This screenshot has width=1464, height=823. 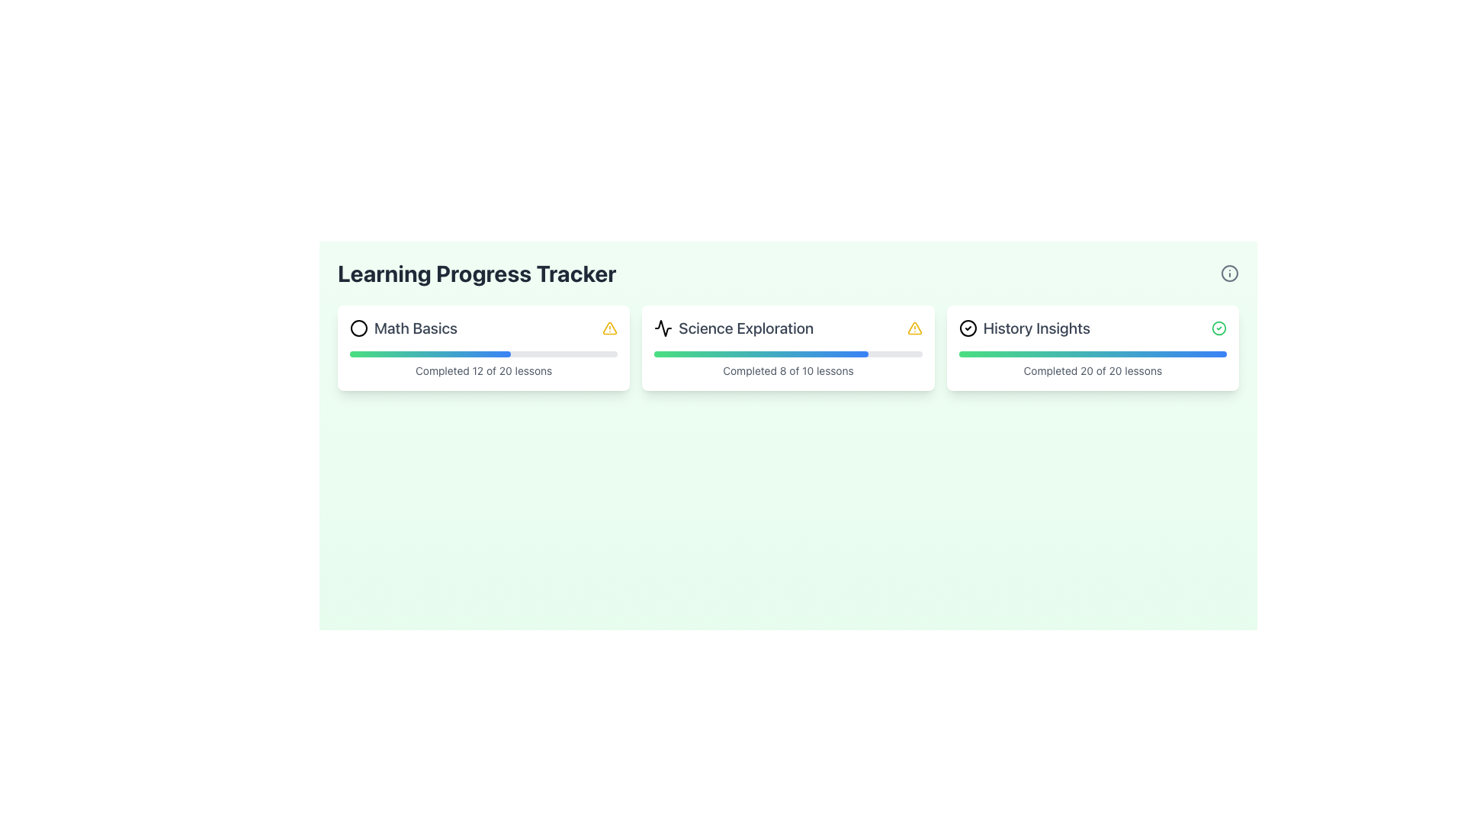 What do you see at coordinates (483, 347) in the screenshot?
I see `the progress bar of the 'Math Basics' informational card, which is the leftmost of three horizontally aligned cards in a grid layout` at bounding box center [483, 347].